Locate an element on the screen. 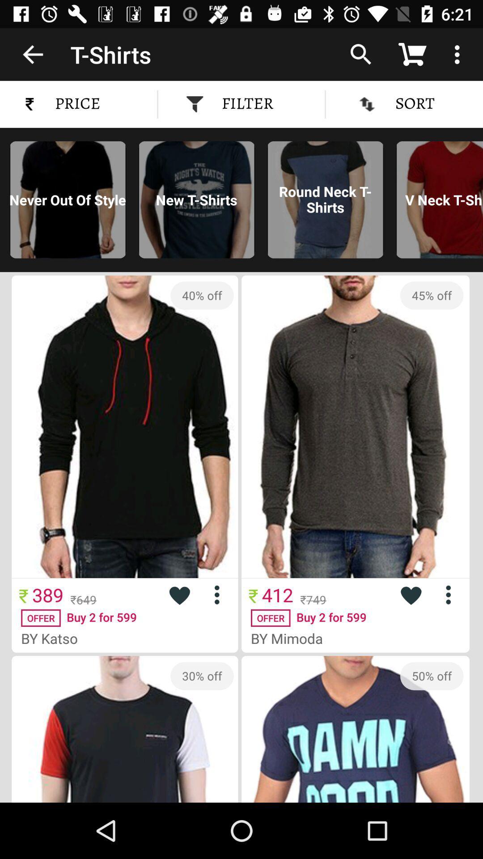 Image resolution: width=483 pixels, height=859 pixels. like option is located at coordinates (179, 595).